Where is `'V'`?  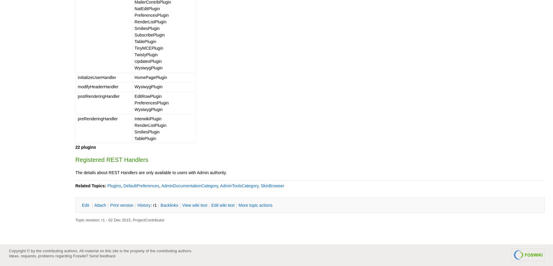
'V' is located at coordinates (183, 205).